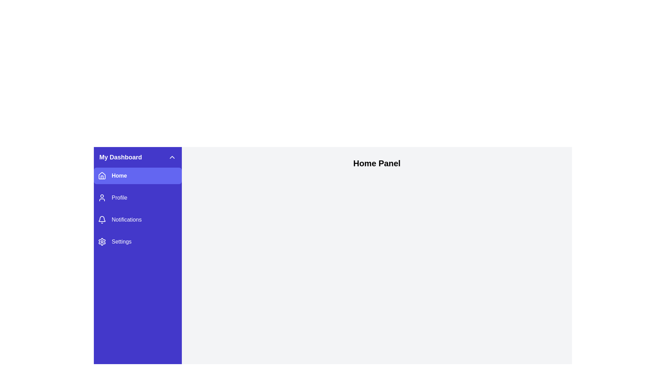 This screenshot has height=371, width=660. Describe the element at coordinates (102, 175) in the screenshot. I see `the stylized house icon located in the navigation menu to the left of the 'Home' text item` at that location.